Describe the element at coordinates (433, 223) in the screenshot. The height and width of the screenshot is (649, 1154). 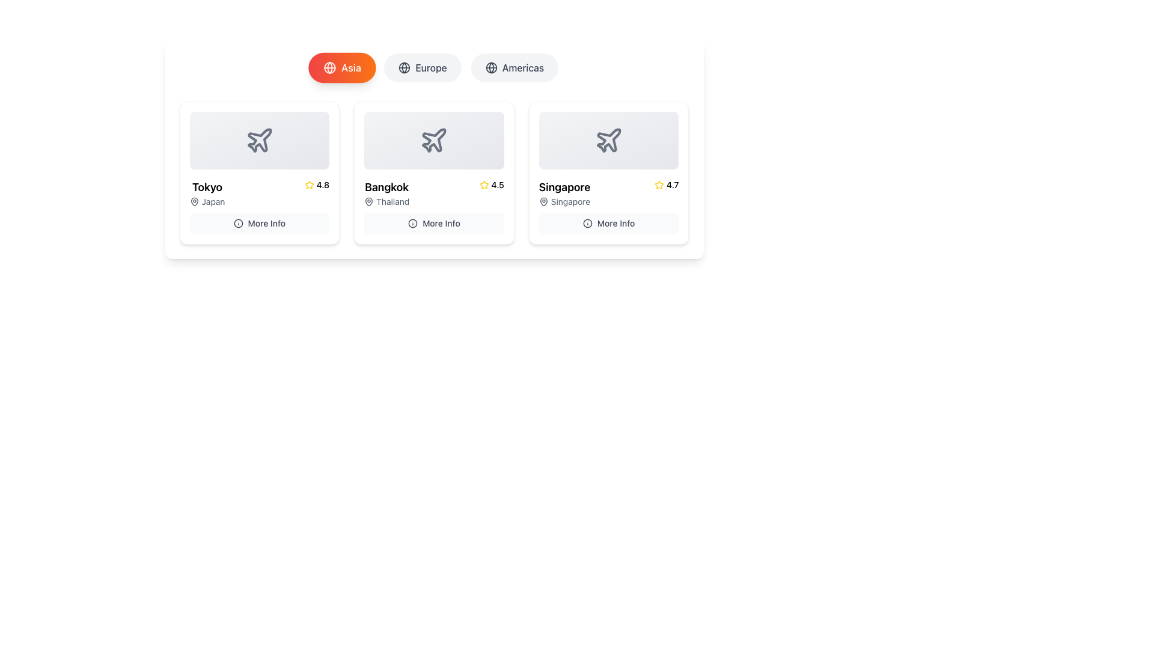
I see `the interactive button located at the bottom of the 'Bangkok' card, below the 'Thailand' text and rating` at that location.